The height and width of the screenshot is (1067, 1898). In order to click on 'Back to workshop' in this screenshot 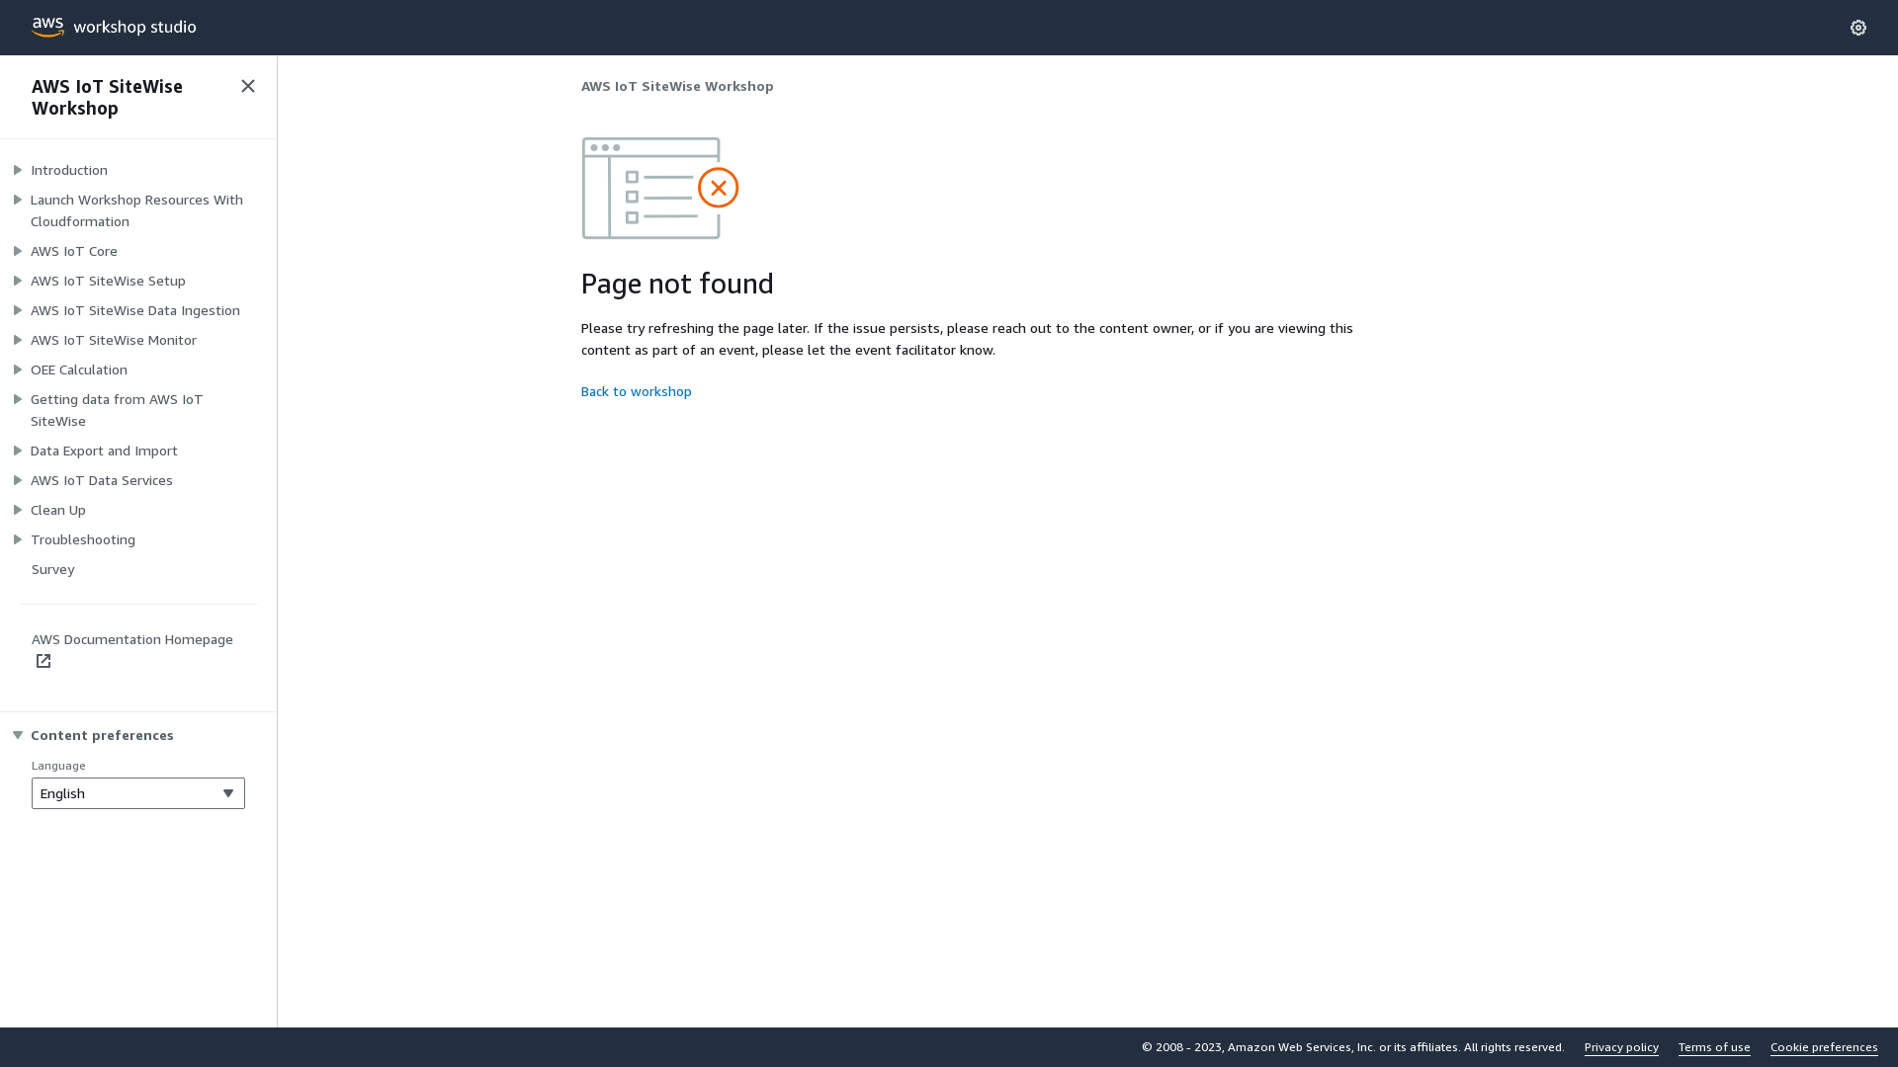, I will do `click(636, 390)`.